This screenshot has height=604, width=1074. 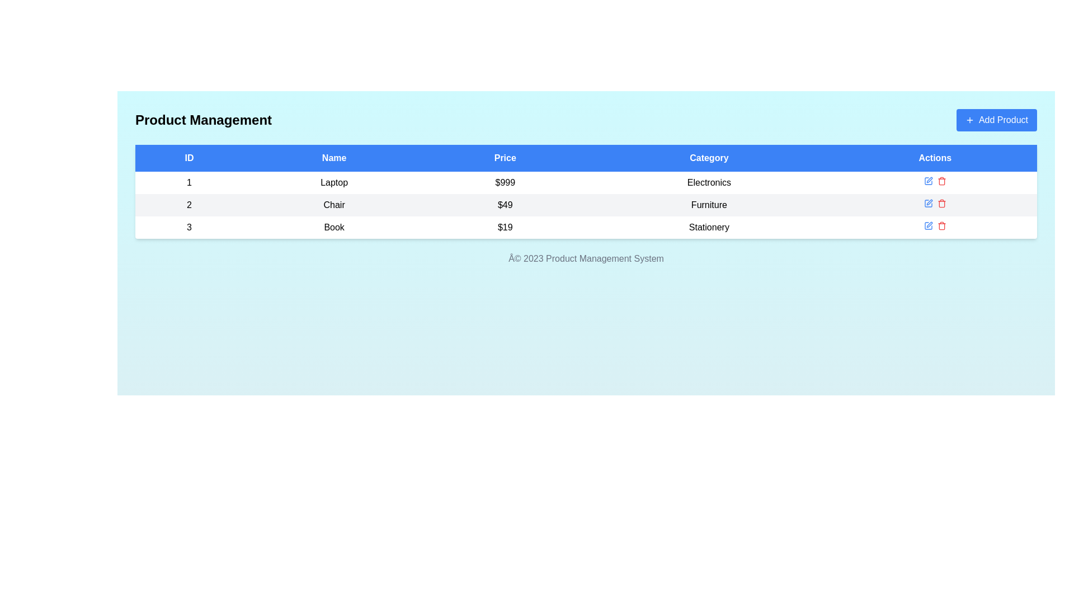 I want to click on the primary button for adding a new product located in the header area, adjacent to the 'Product Management' heading, so click(x=996, y=120).